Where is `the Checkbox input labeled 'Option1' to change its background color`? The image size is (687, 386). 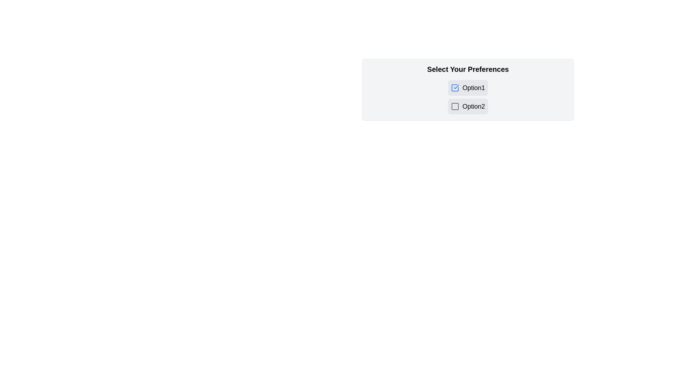 the Checkbox input labeled 'Option1' to change its background color is located at coordinates (468, 88).